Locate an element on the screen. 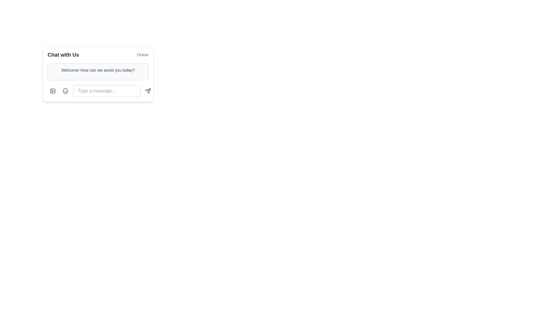 This screenshot has height=312, width=554. the 'Send' button, which is a small triangular icon resembling a paper airplane, located at the rightmost side of the input box in the chat widget is located at coordinates (148, 91).